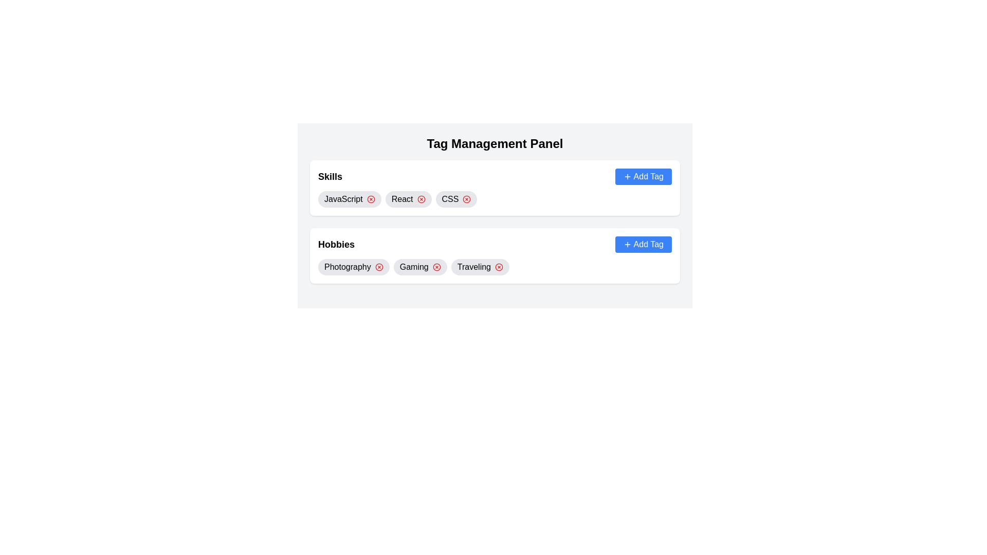 The width and height of the screenshot is (987, 555). I want to click on the 'React' tag, which is a pill-shaped button with a light gray background and a red circular delete icon containing a white 'X', so click(408, 199).